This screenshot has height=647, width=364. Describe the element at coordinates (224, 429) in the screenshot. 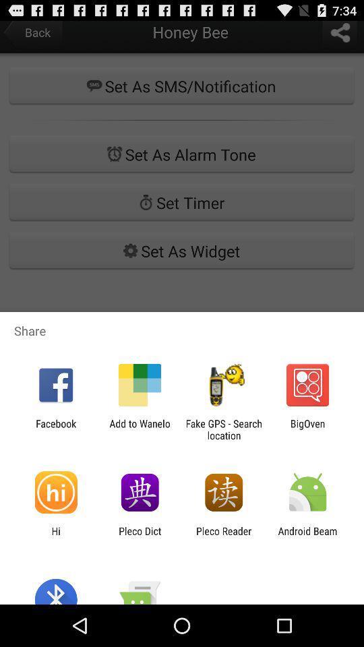

I see `app to the right of add to wanelo app` at that location.